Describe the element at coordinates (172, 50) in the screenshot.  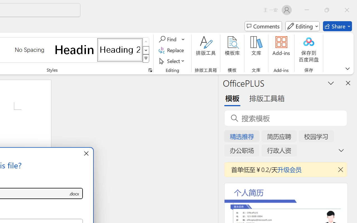
I see `'Replace...'` at that location.